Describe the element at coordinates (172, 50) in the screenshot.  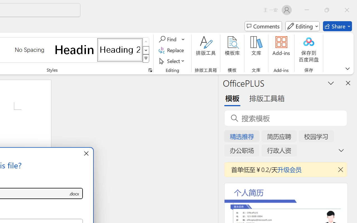
I see `'Replace...'` at that location.